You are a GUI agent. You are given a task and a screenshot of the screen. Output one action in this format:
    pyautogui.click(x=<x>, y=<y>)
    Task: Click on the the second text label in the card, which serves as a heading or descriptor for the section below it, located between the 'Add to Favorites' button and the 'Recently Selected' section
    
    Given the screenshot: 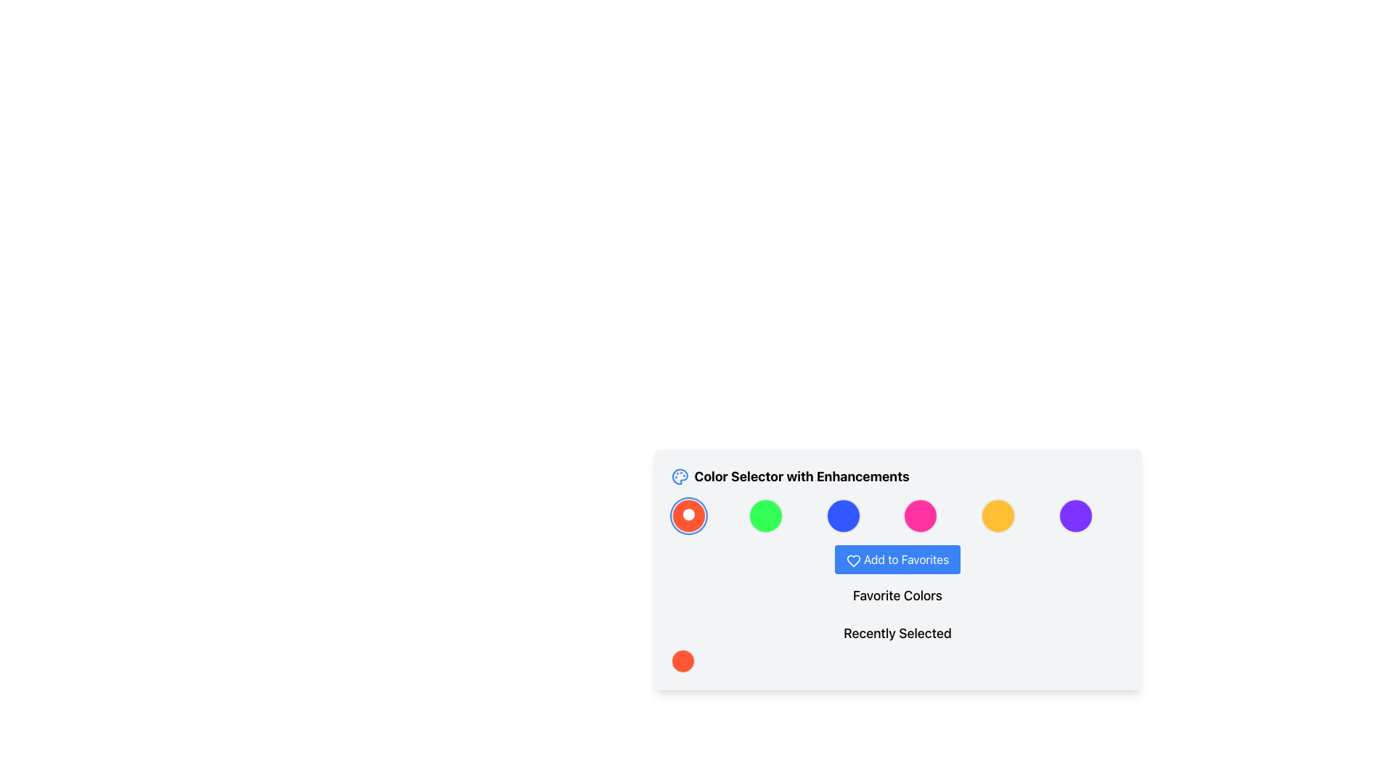 What is the action you would take?
    pyautogui.click(x=897, y=599)
    